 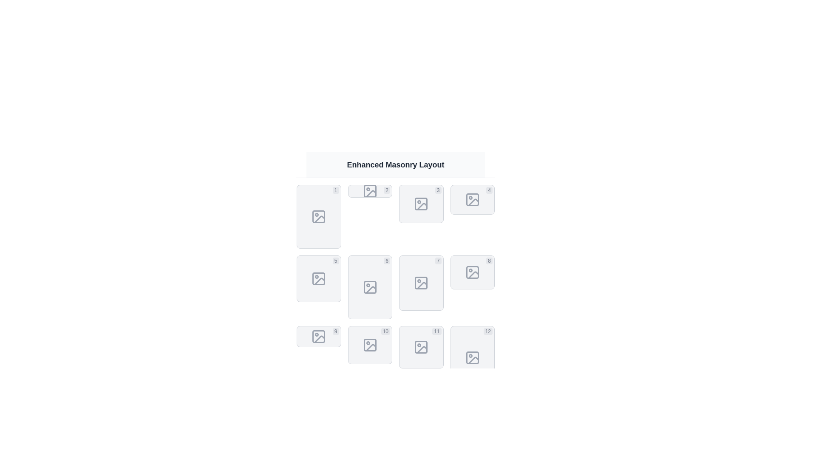 I want to click on the text displayed in the text label or badge located in the top-right corner of the 11th card in the masonry layout, so click(x=436, y=331).